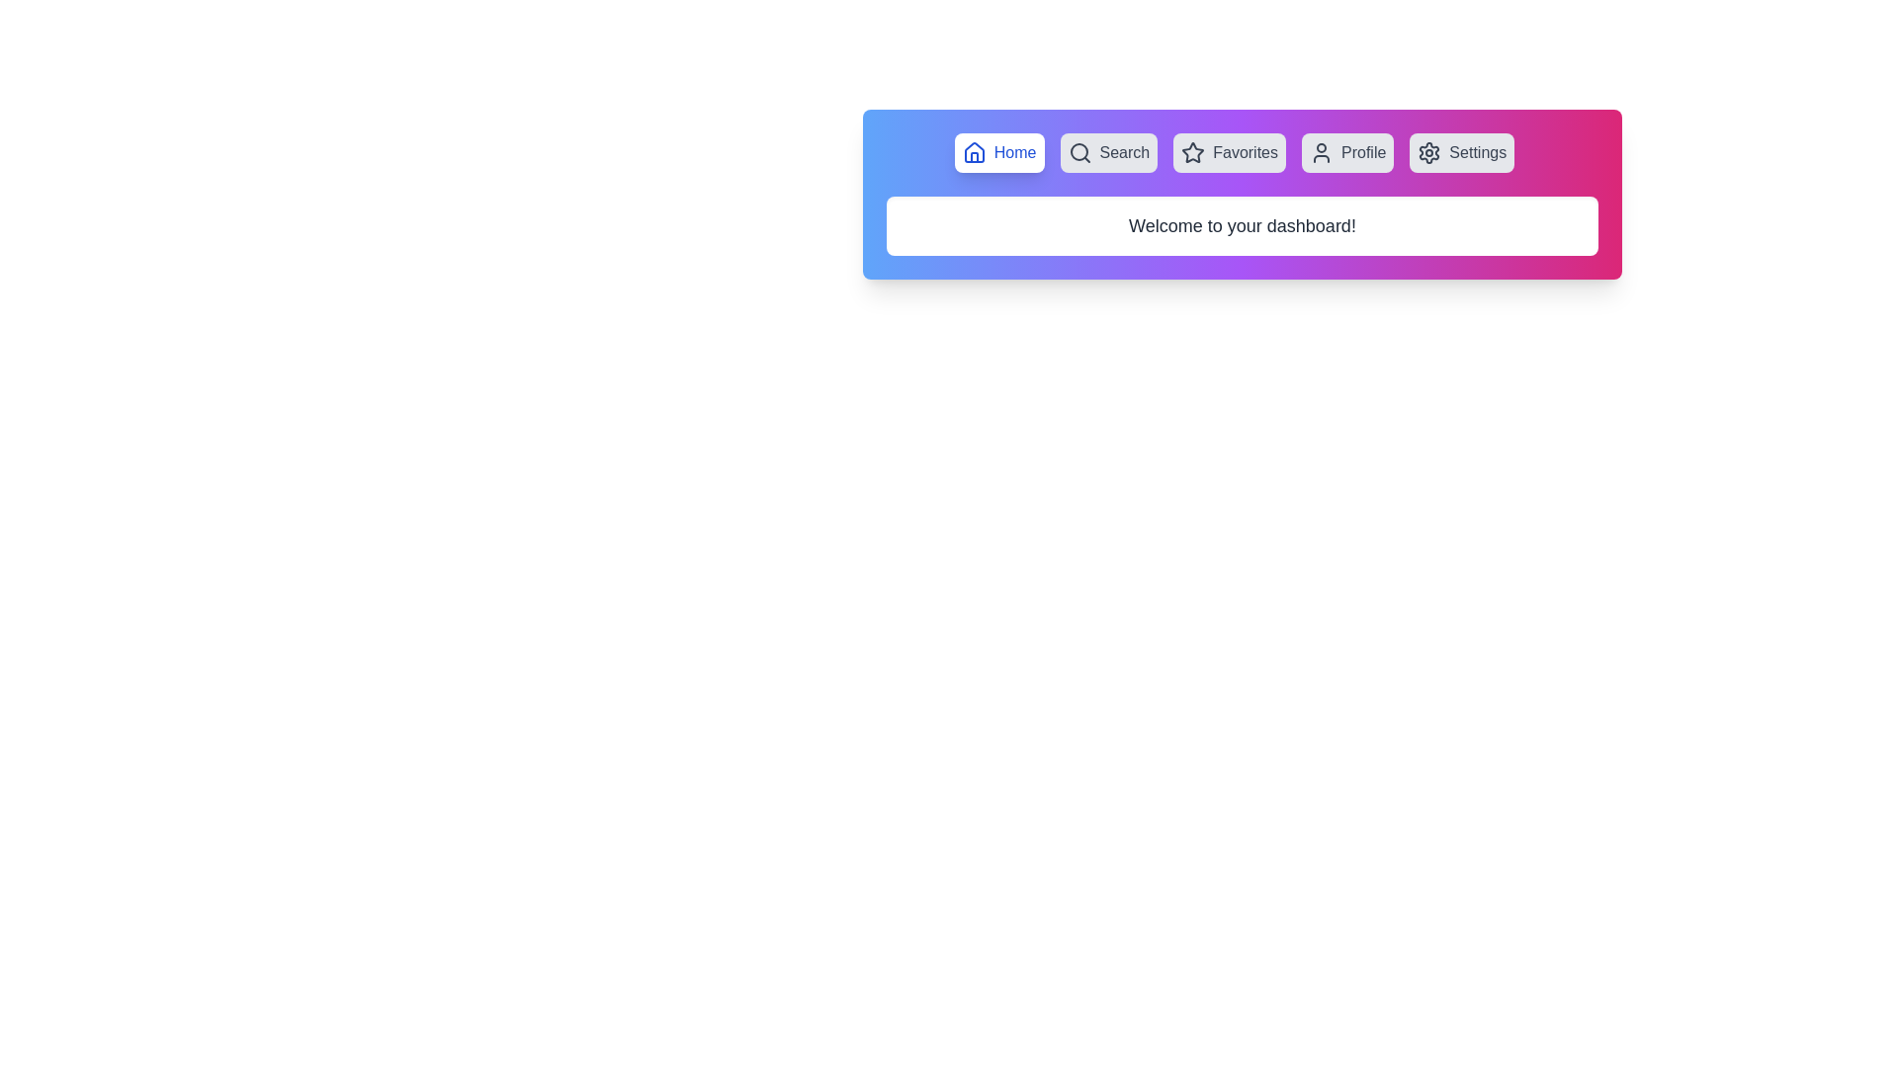  I want to click on the 'Home' navigation button with a house icon, so click(999, 151).